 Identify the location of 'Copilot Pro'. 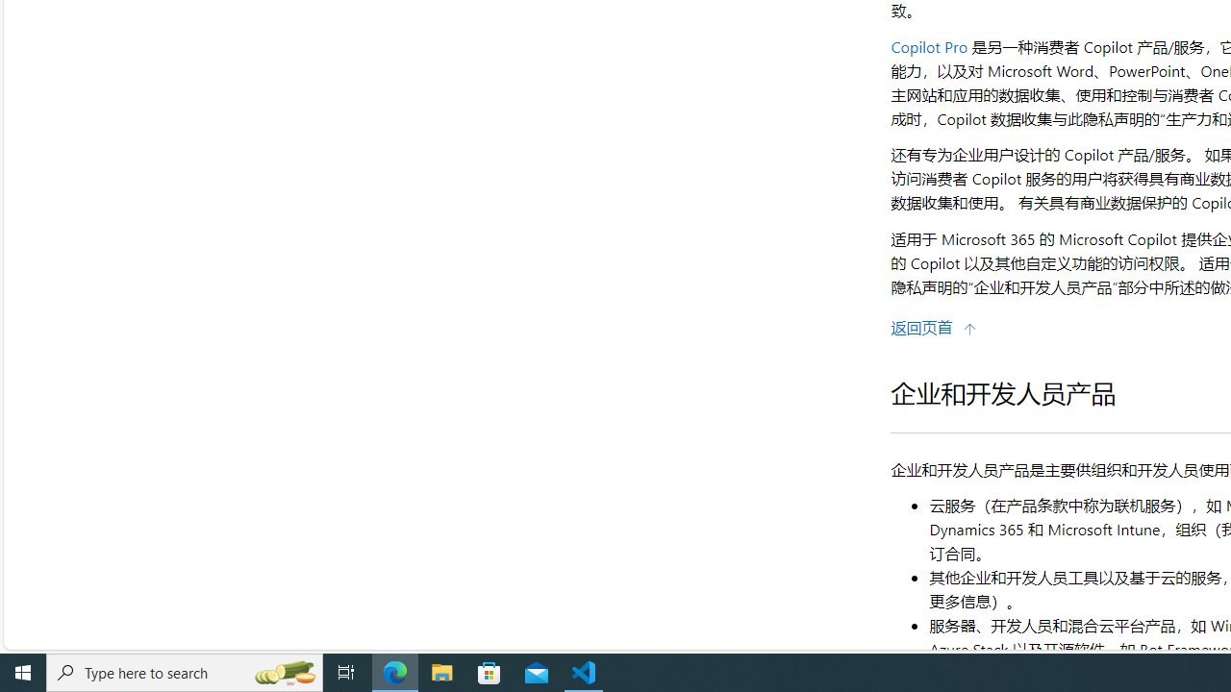
(928, 44).